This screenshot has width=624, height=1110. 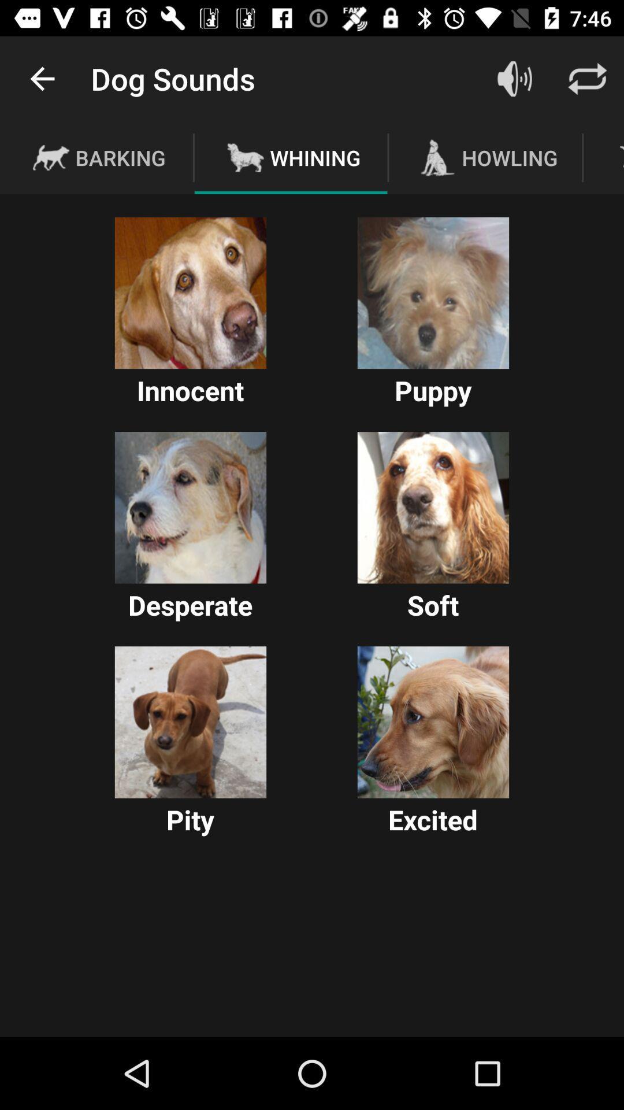 What do you see at coordinates (190, 293) in the screenshot?
I see `innocent` at bounding box center [190, 293].